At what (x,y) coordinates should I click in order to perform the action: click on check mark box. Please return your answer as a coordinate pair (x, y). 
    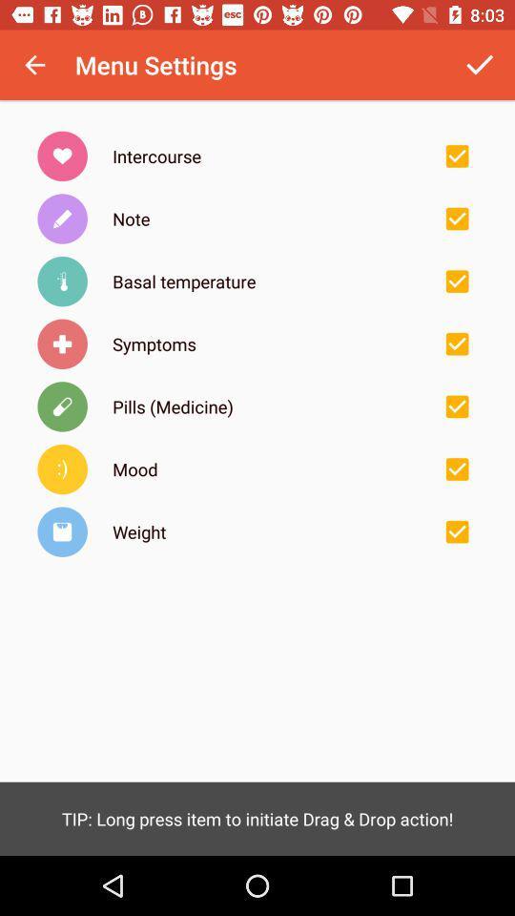
    Looking at the image, I should click on (456, 219).